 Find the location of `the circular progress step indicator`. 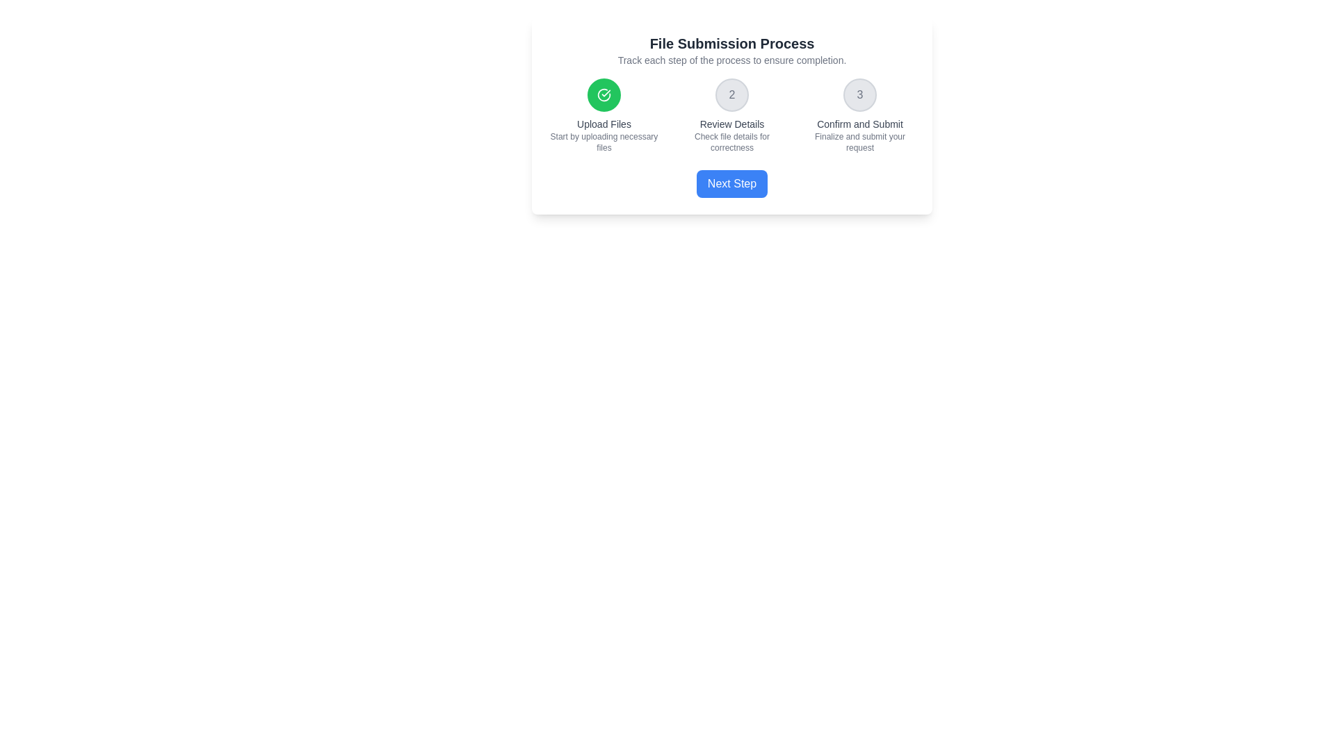

the circular progress step indicator is located at coordinates (731, 94).